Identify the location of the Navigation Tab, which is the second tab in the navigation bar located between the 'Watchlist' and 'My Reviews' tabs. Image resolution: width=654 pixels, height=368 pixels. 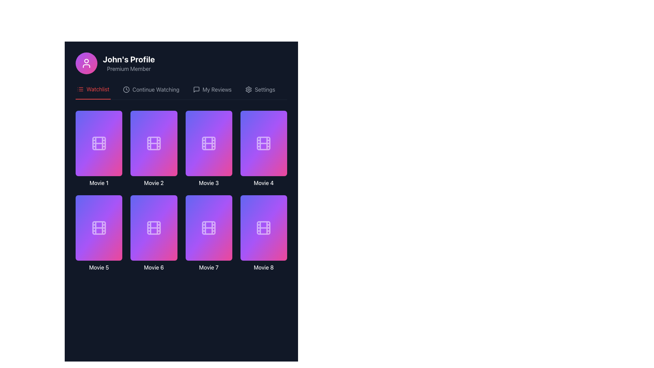
(151, 92).